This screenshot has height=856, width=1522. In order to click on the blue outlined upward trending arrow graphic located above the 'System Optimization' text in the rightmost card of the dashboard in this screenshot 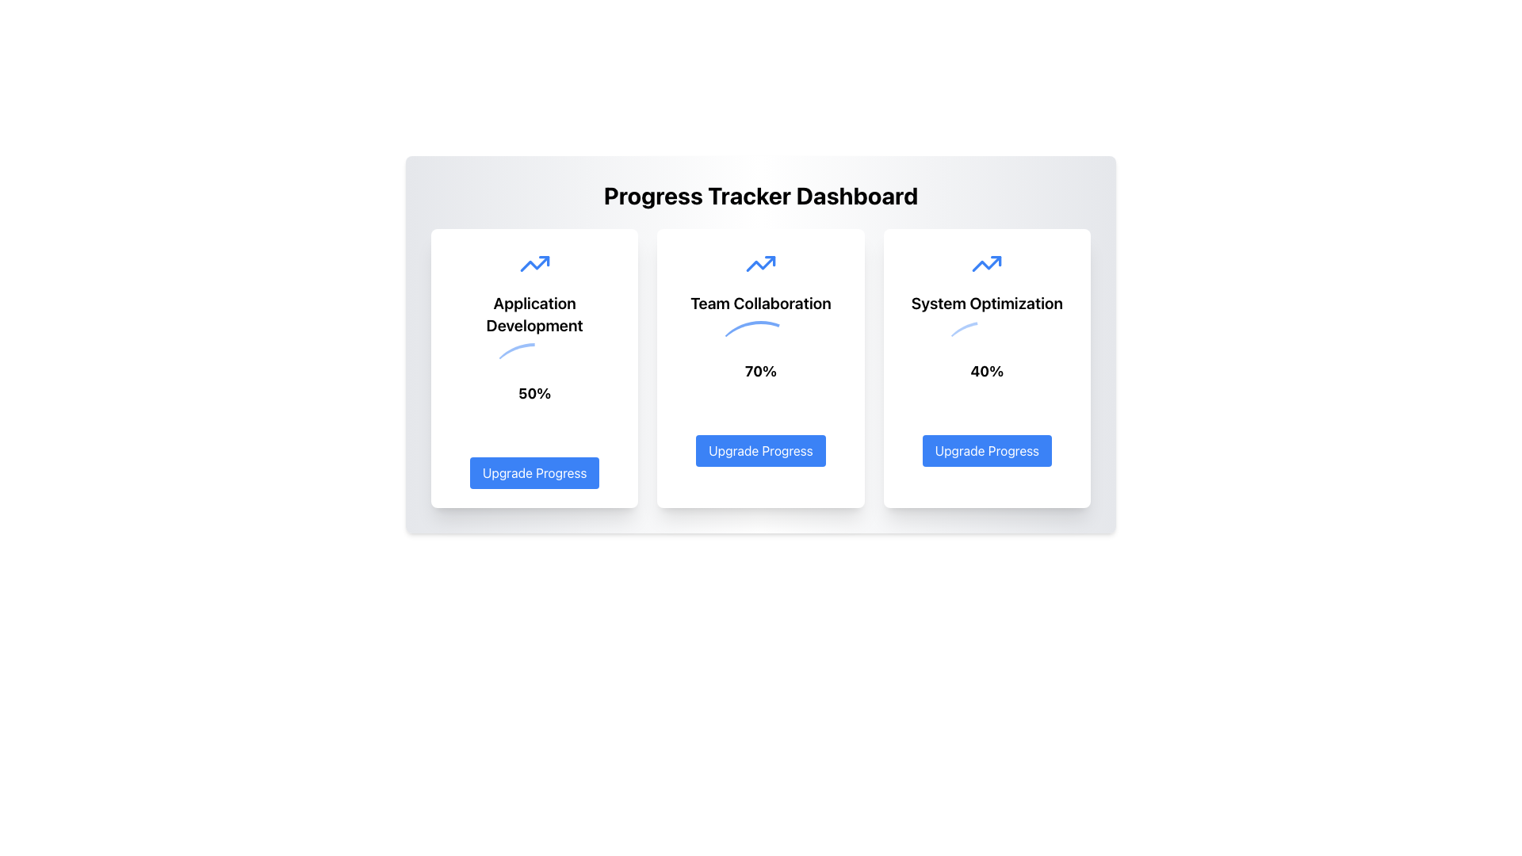, I will do `click(986, 262)`.